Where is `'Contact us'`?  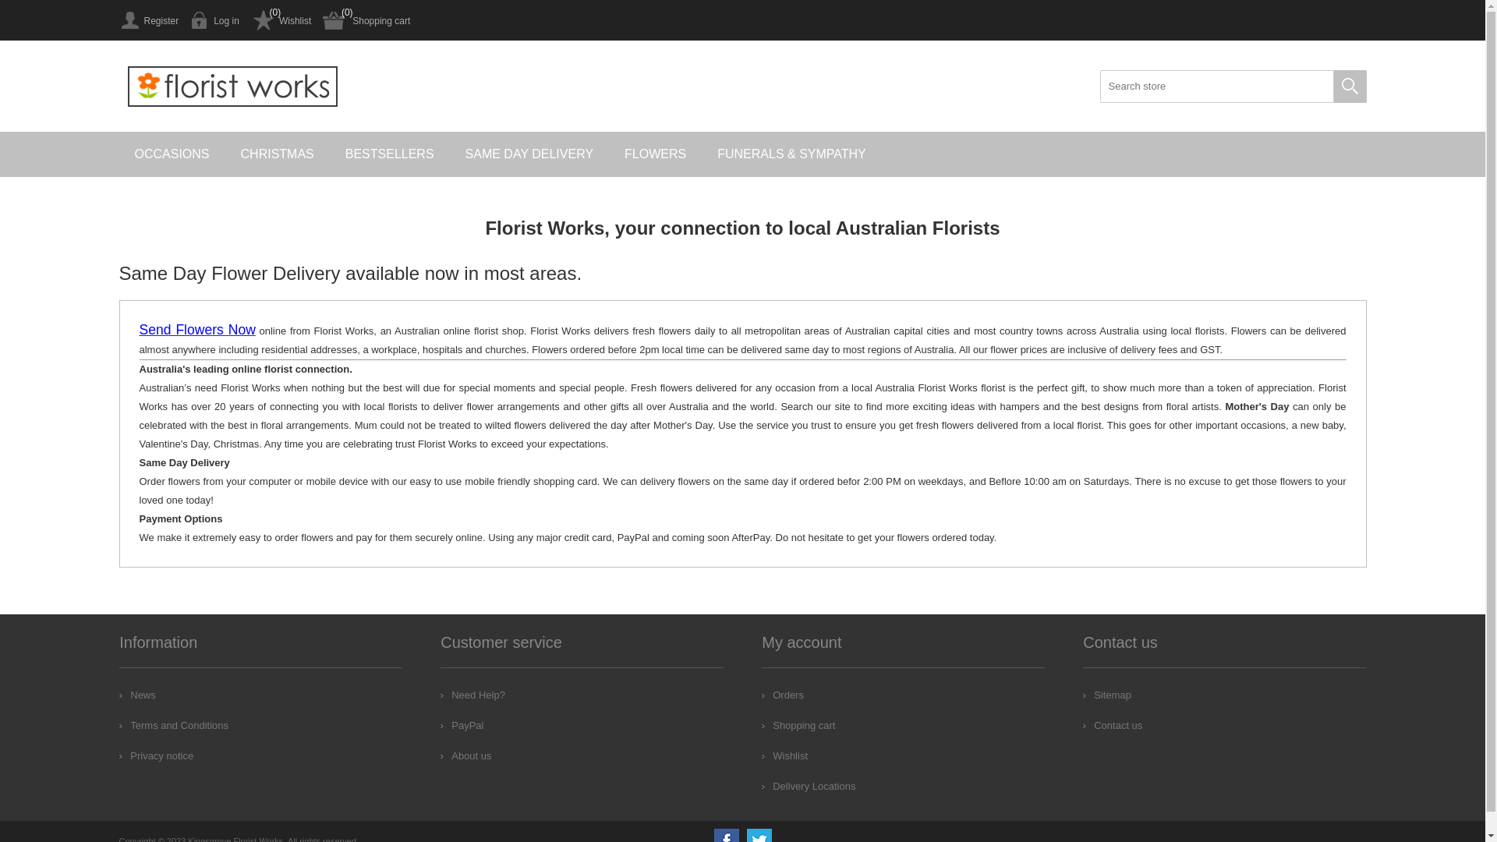 'Contact us' is located at coordinates (1111, 725).